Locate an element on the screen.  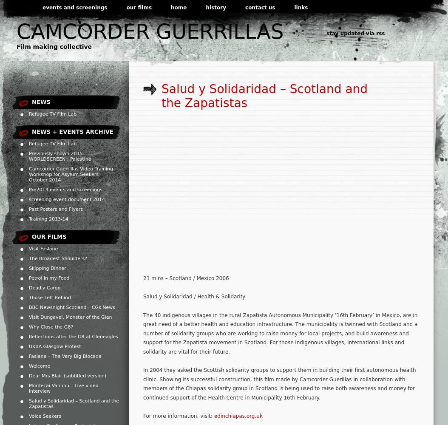
'BBC Newsnight Scotland – CGs News' is located at coordinates (71, 307).